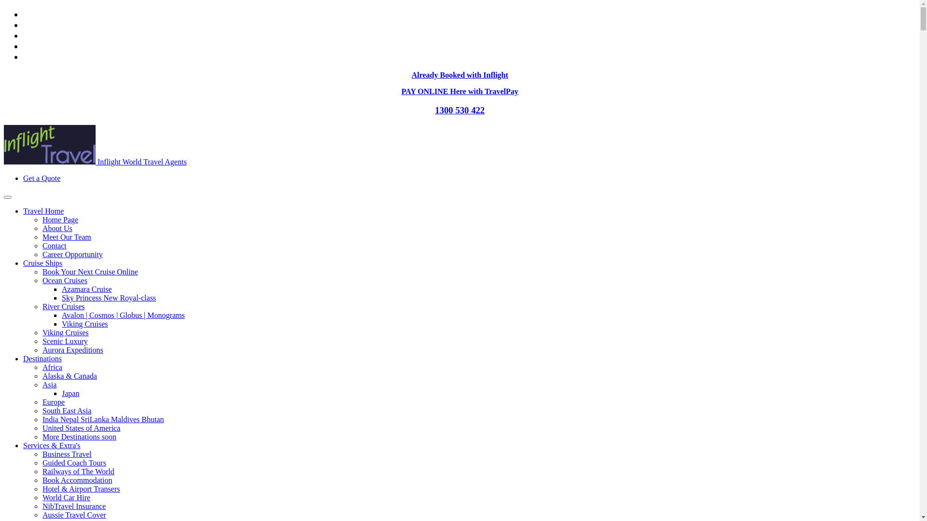 The width and height of the screenshot is (927, 521). I want to click on 'United States of America', so click(81, 427).